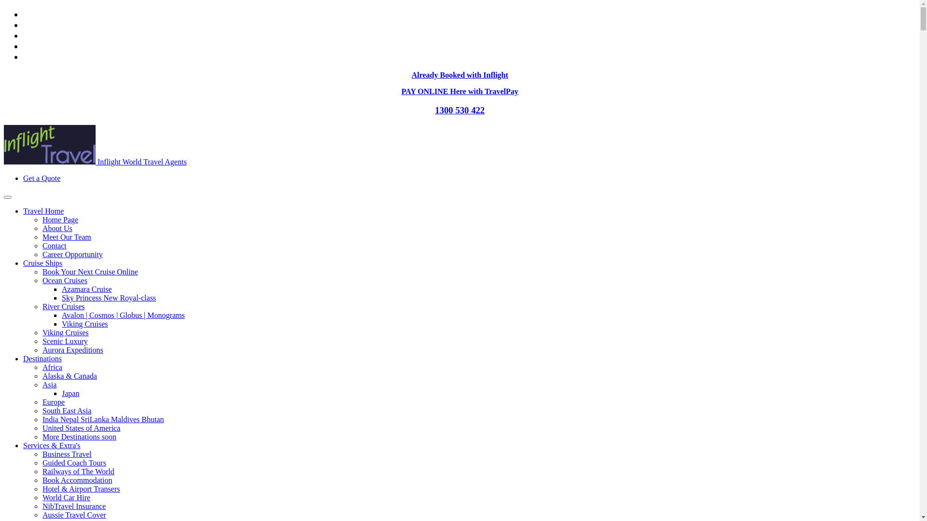 The width and height of the screenshot is (927, 521). I want to click on 'United States of America', so click(81, 427).